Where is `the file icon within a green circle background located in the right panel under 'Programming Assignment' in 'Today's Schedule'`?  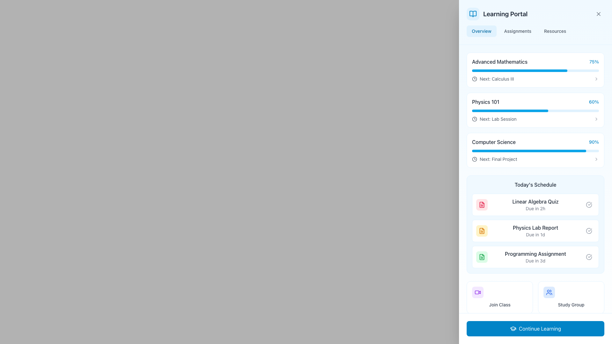
the file icon within a green circle background located in the right panel under 'Programming Assignment' in 'Today's Schedule' is located at coordinates (482, 256).